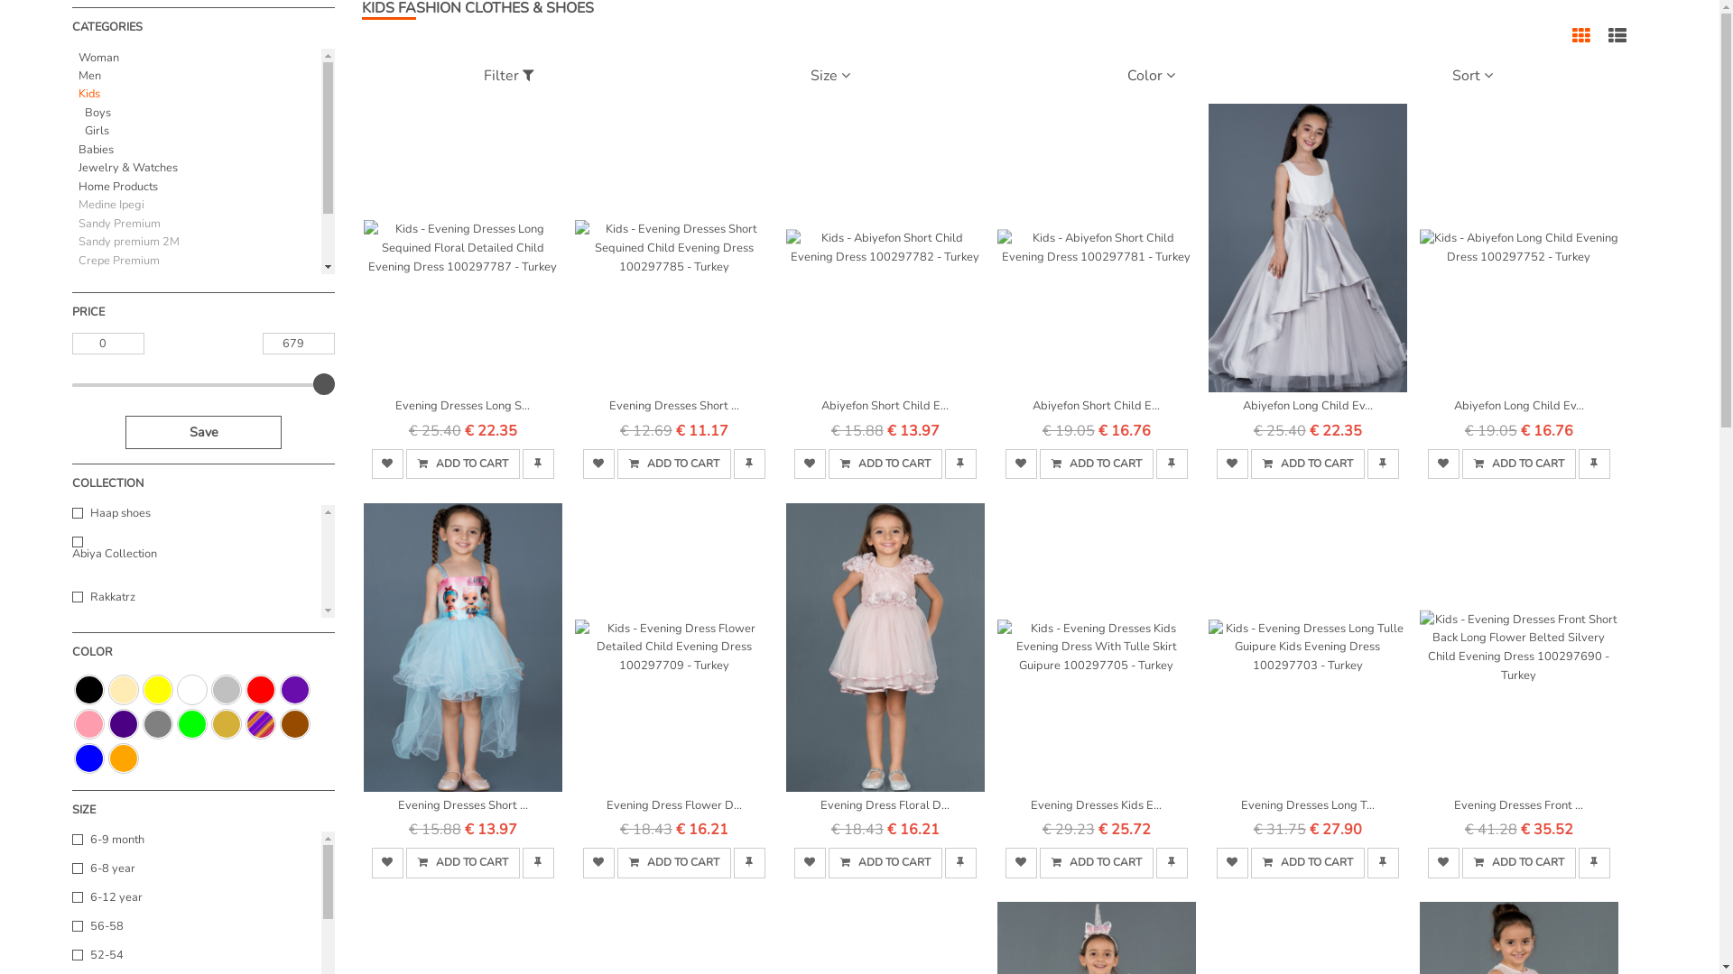 The height and width of the screenshot is (974, 1733). Describe the element at coordinates (294, 722) in the screenshot. I see `'Brown'` at that location.